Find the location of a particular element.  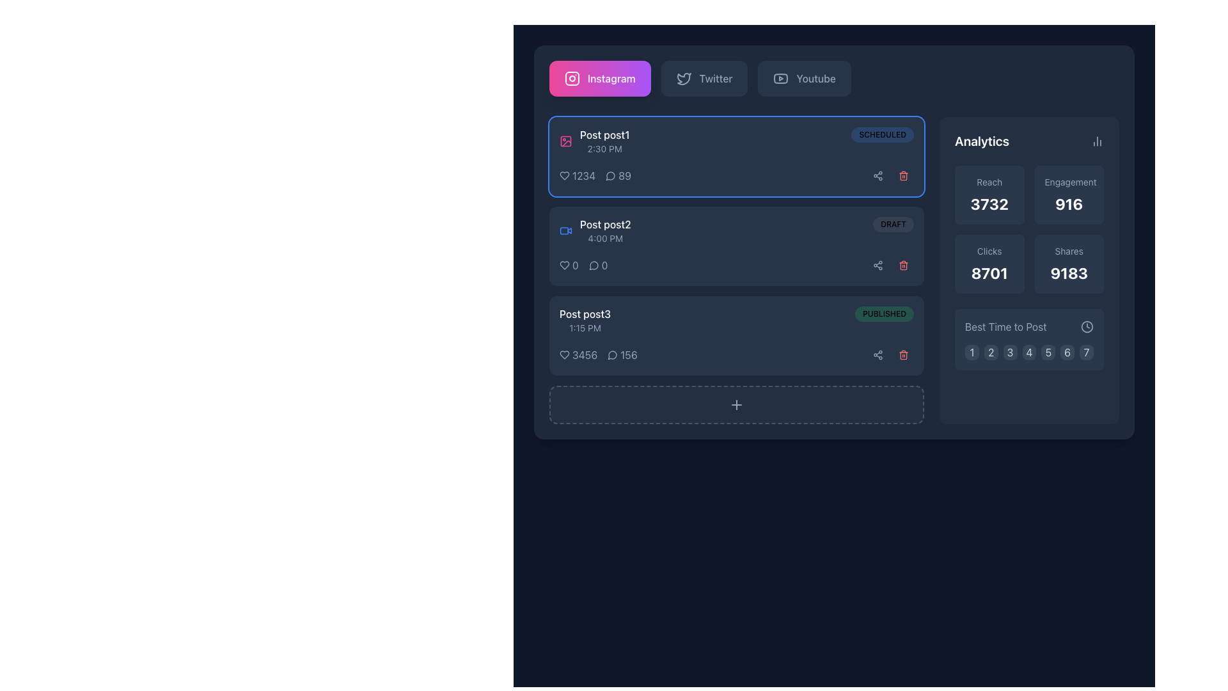

the speech bubble icon with a gray tone located next to the number '156' in the 'Post post3' section is located at coordinates (612, 355).